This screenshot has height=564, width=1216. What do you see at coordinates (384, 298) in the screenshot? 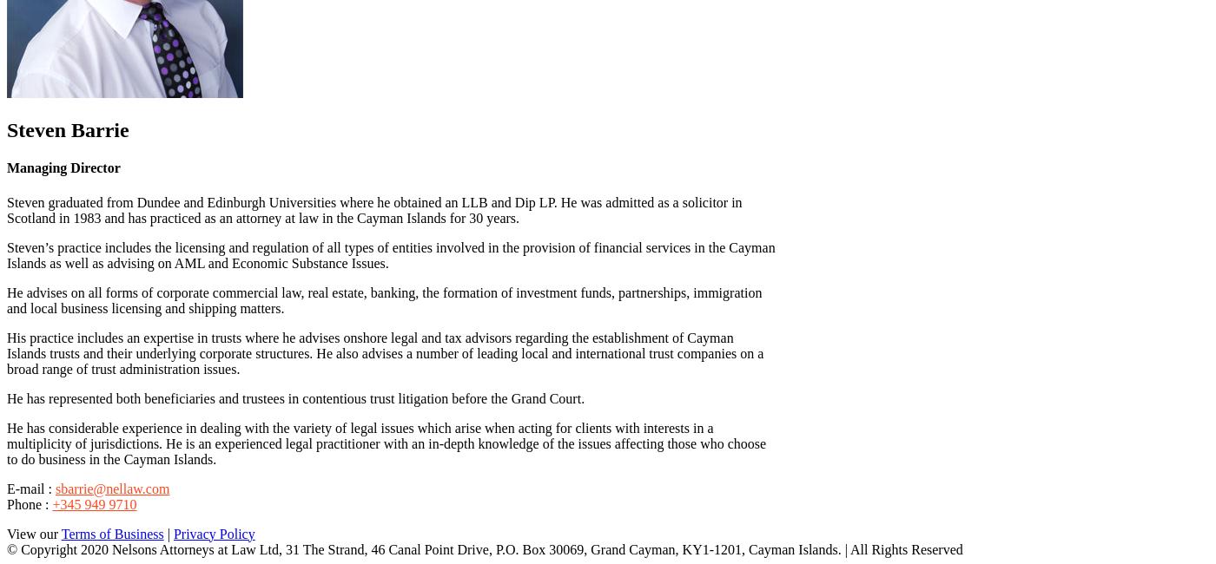
I see `'He advises on all forms of corporate commercial law, real estate, banking, the formation of investment funds, partnerships, immigration and local business licensing and shipping matters.'` at bounding box center [384, 298].